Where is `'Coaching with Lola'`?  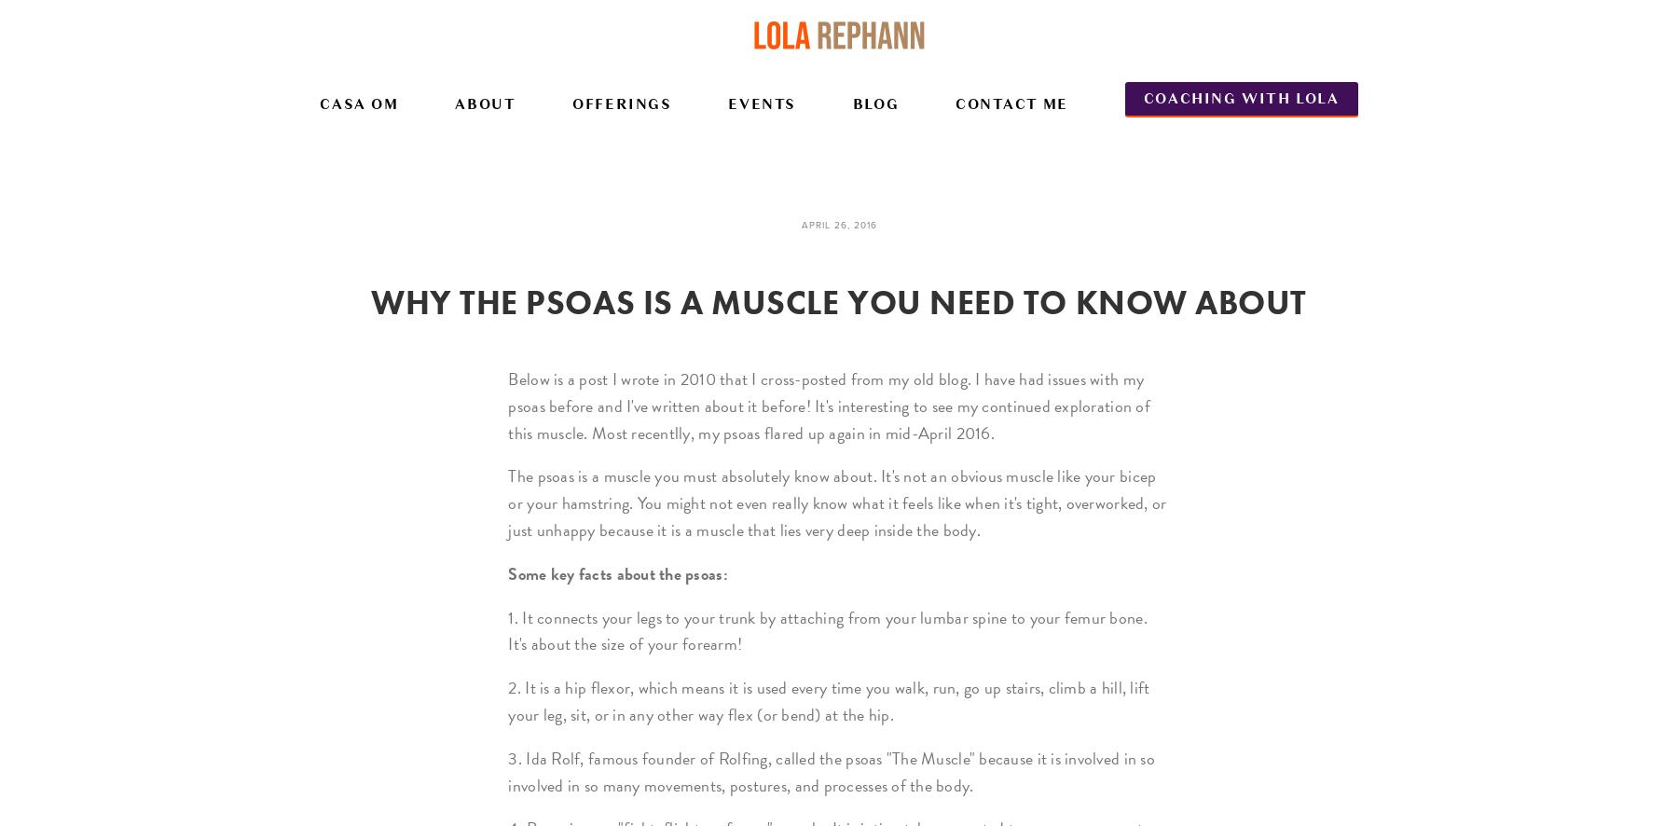
'Coaching with Lola' is located at coordinates (1240, 97).